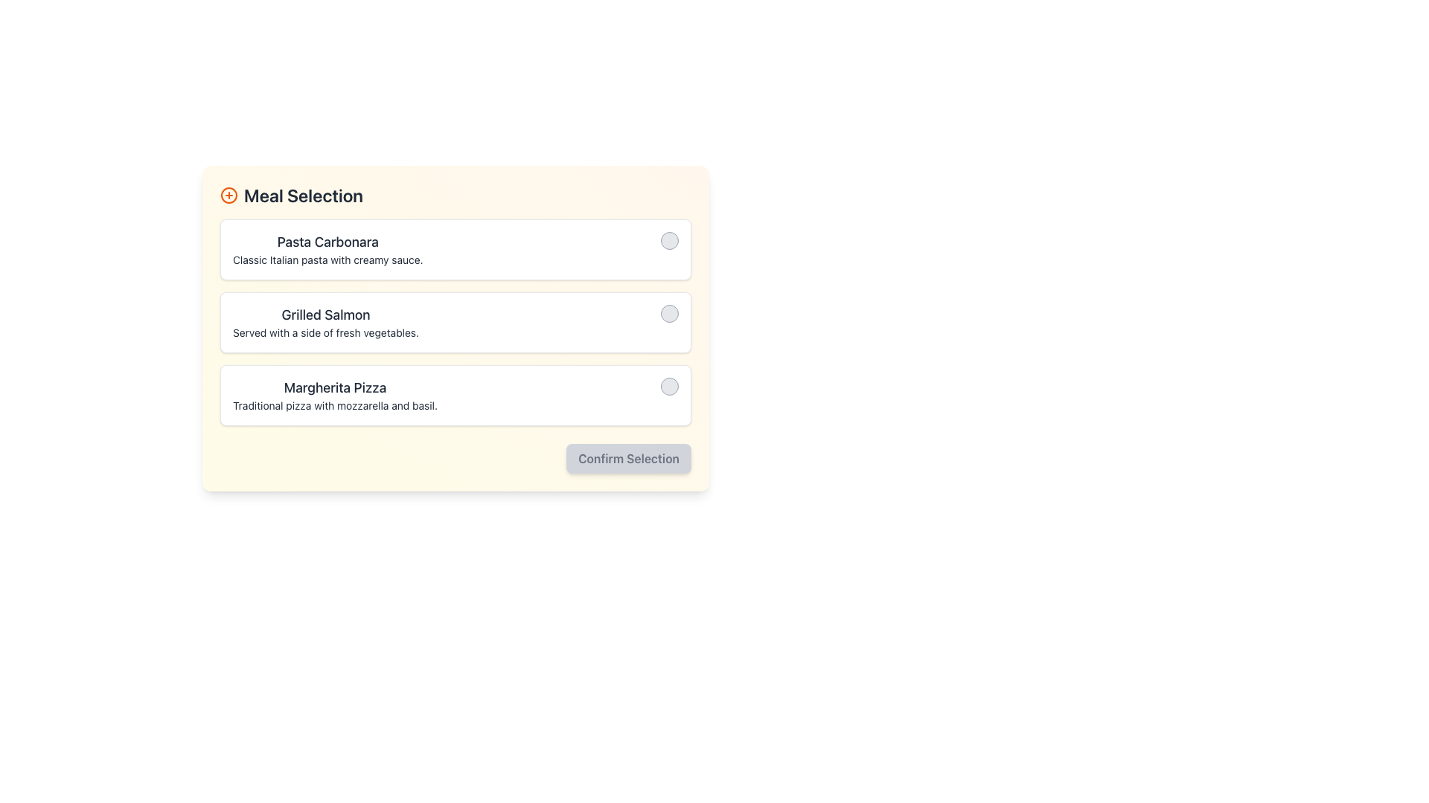 The image size is (1429, 803). I want to click on the interactive list item for 'Grilled Salmon', so click(455, 322).